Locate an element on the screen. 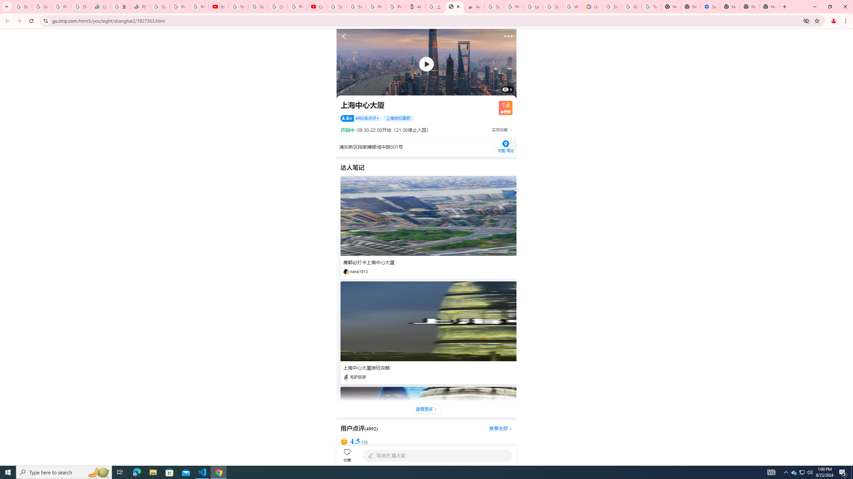 The height and width of the screenshot is (479, 853). 'Google Workspace Admin Community' is located at coordinates (22, 6).